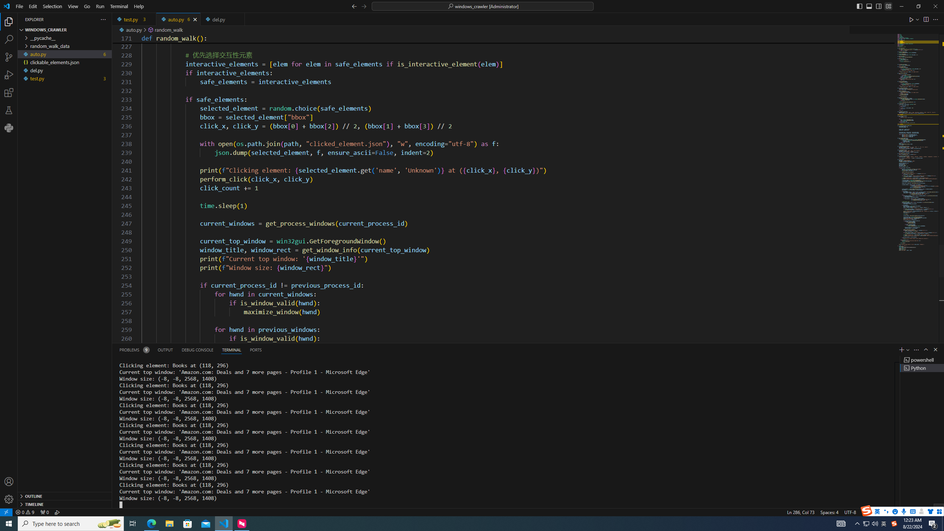 This screenshot has width=944, height=531. I want to click on 'Toggle Secondary Side Bar (Ctrl+Alt+B)', so click(878, 6).